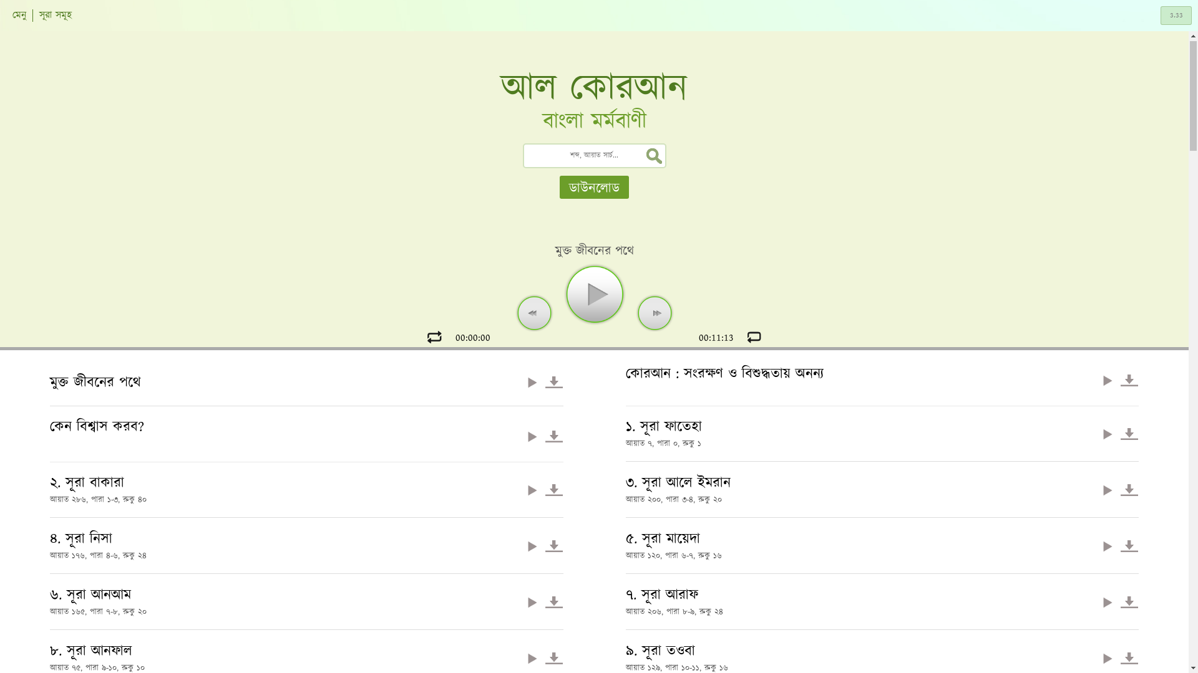 Image resolution: width=1198 pixels, height=673 pixels. I want to click on 'Play', so click(523, 381).